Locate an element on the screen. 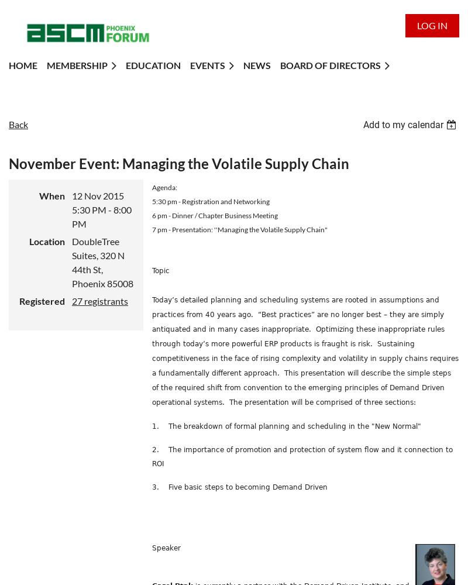 The image size is (468, 585). '12 Nov 2015' is located at coordinates (98, 194).